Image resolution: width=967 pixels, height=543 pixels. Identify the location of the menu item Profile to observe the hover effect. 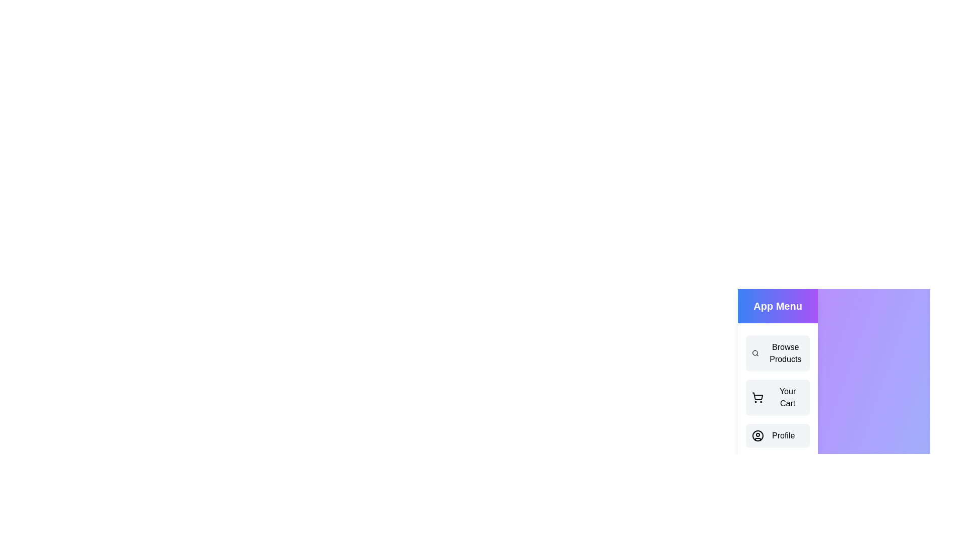
(777, 435).